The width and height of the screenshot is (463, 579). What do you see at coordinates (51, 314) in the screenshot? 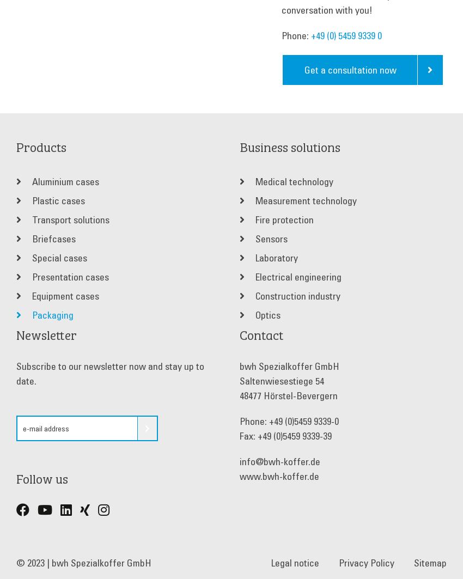
I see `'Packaging'` at bounding box center [51, 314].